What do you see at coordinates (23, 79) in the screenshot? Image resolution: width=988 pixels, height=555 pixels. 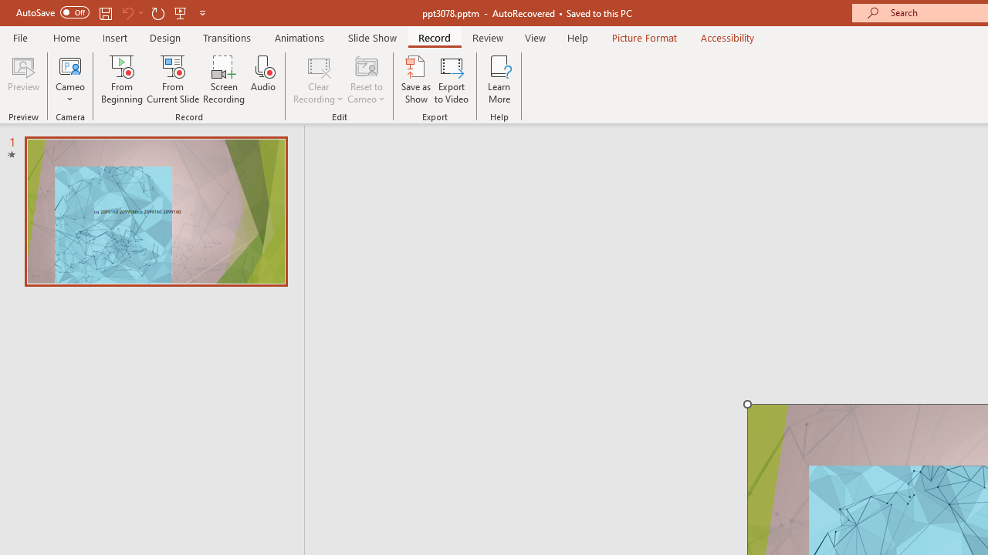 I see `'Preview'` at bounding box center [23, 79].